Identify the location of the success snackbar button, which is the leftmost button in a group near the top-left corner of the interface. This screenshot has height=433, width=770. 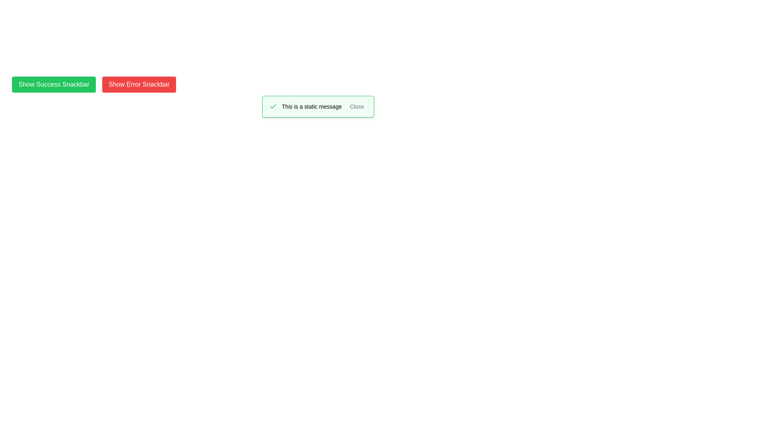
(53, 85).